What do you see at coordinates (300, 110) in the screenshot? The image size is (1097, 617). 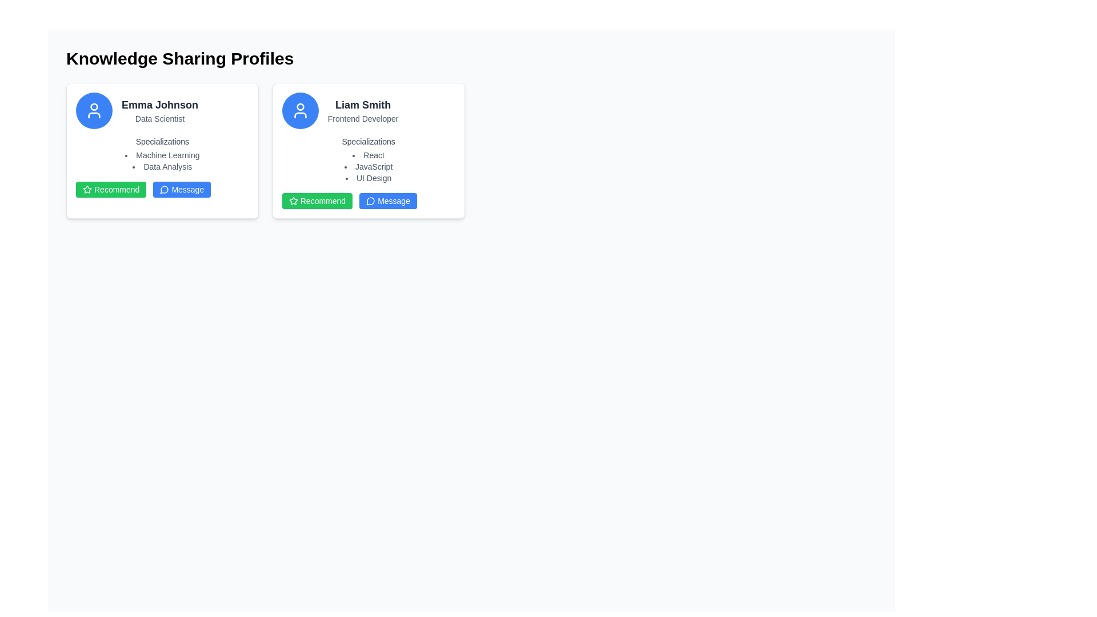 I see `the circular user icon representing 'Liam Smith' located at the upper-left corner of the content card` at bounding box center [300, 110].